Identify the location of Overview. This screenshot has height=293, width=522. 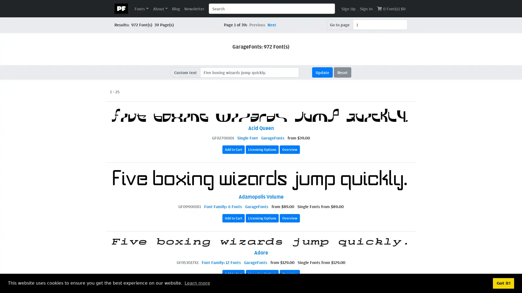
(289, 274).